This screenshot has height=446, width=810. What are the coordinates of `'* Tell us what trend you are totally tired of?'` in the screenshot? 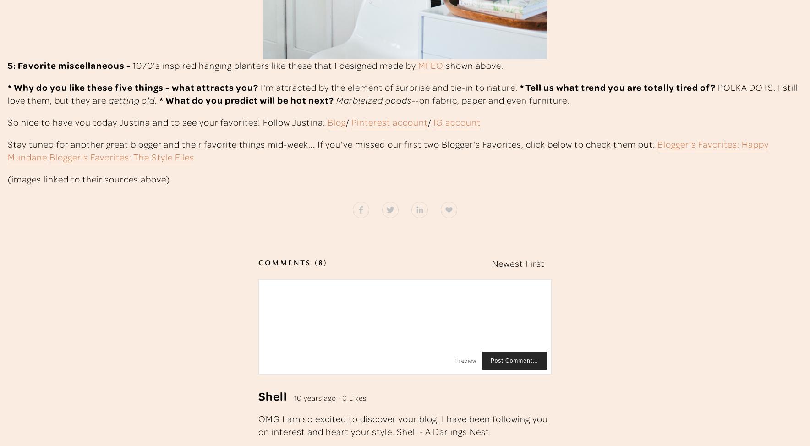 It's located at (617, 87).